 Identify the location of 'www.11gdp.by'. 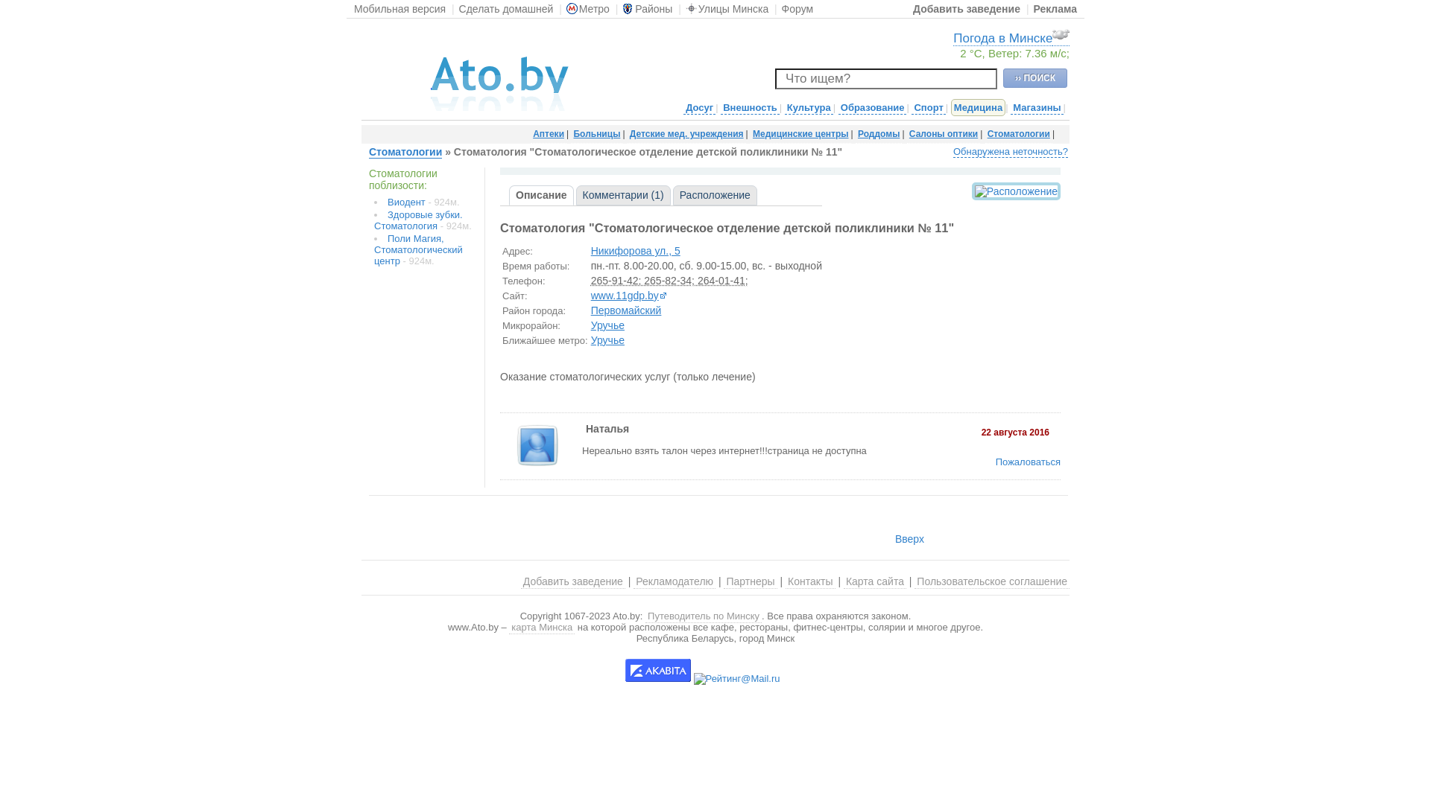
(590, 296).